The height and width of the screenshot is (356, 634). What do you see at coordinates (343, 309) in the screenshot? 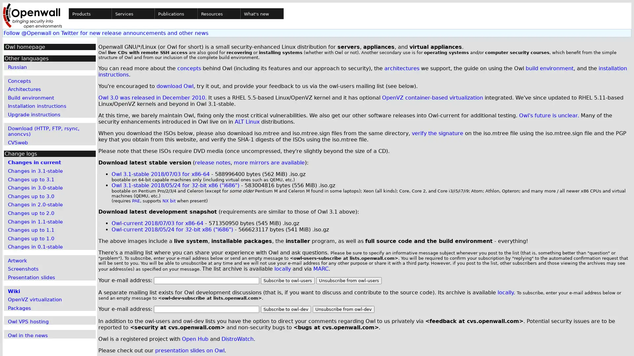
I see `Unsubscribe from owl-dev` at bounding box center [343, 309].